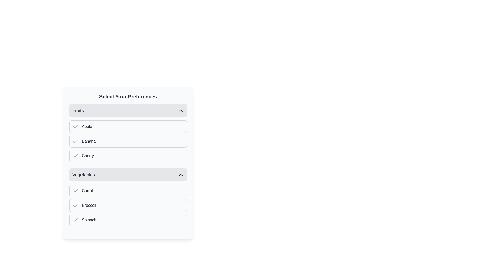 Image resolution: width=486 pixels, height=273 pixels. What do you see at coordinates (89, 220) in the screenshot?
I see `the 'Spinach' text label, which is the last item in the vegetable selection list, located to the right of a checkmark icon indicating its selected state` at bounding box center [89, 220].